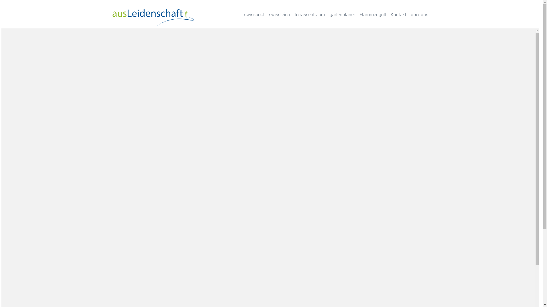 The width and height of the screenshot is (547, 307). What do you see at coordinates (373, 14) in the screenshot?
I see `'Flammengrill'` at bounding box center [373, 14].